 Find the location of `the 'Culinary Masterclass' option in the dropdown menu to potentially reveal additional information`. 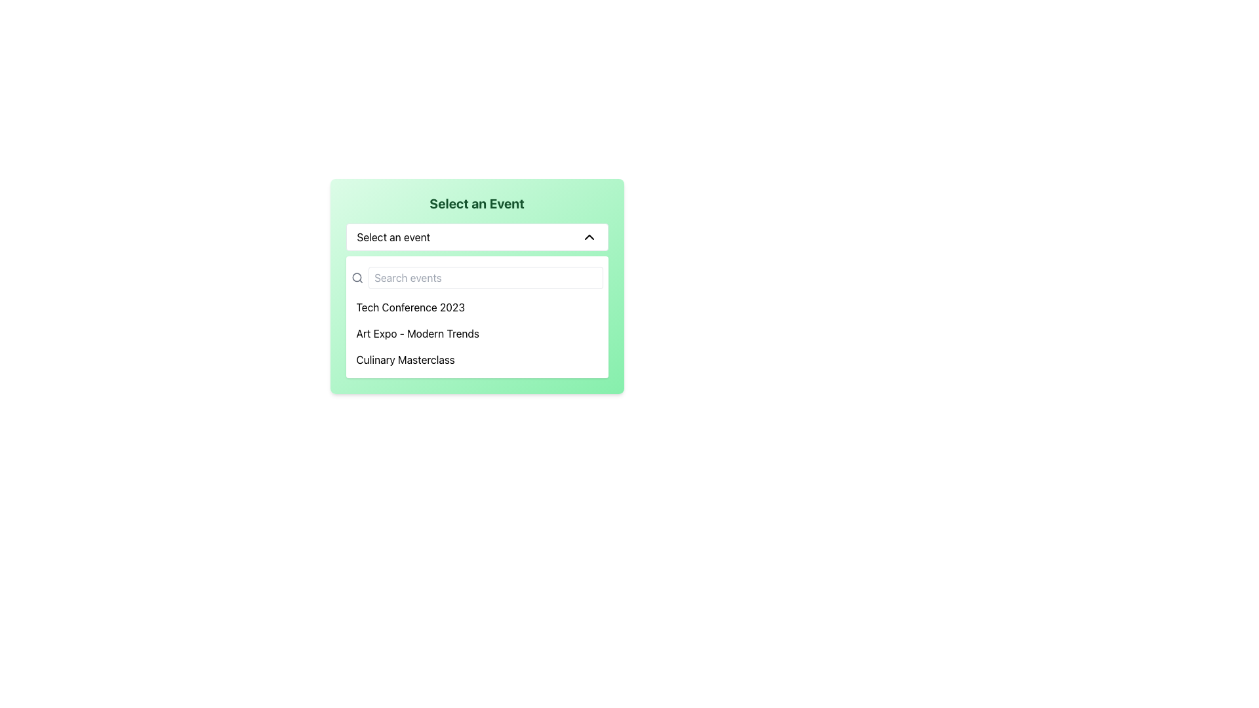

the 'Culinary Masterclass' option in the dropdown menu to potentially reveal additional information is located at coordinates (405, 359).